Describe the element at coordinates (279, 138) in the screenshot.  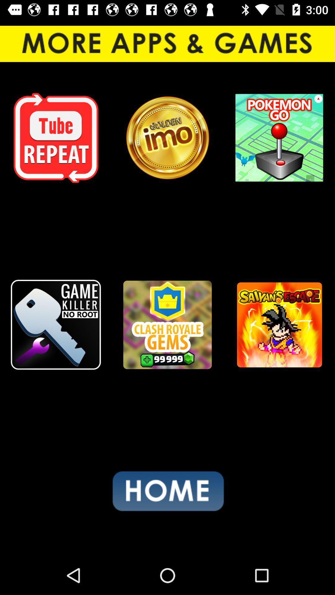
I see `pokemon go app` at that location.